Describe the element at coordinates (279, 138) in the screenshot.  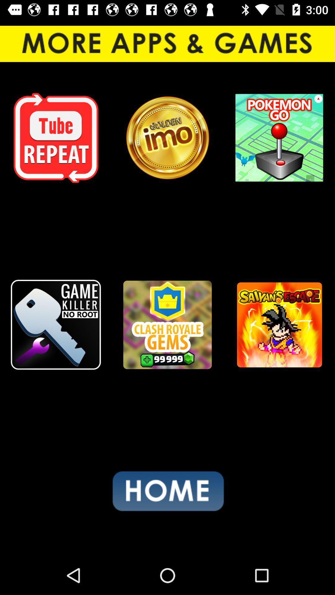
I see `pokemon go app` at that location.